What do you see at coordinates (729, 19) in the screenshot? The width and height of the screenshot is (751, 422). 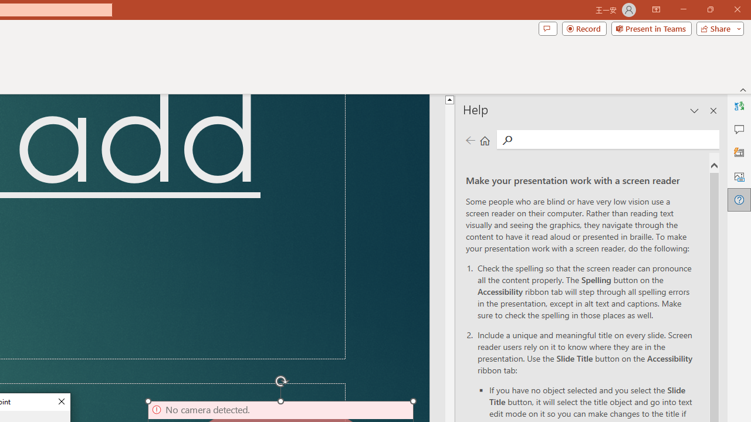 I see `'Close'` at bounding box center [729, 19].